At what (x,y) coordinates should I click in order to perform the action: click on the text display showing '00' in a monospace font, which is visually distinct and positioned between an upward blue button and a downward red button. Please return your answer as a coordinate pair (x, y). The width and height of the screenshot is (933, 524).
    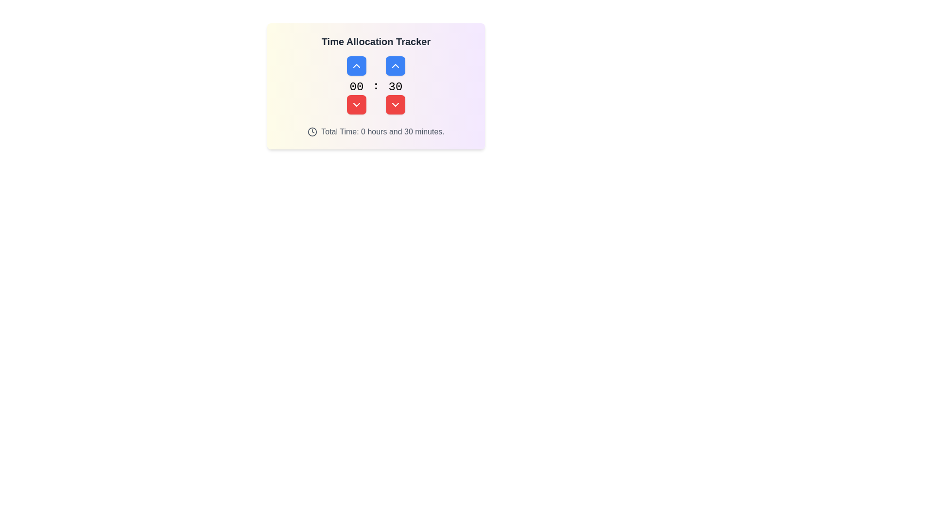
    Looking at the image, I should click on (356, 87).